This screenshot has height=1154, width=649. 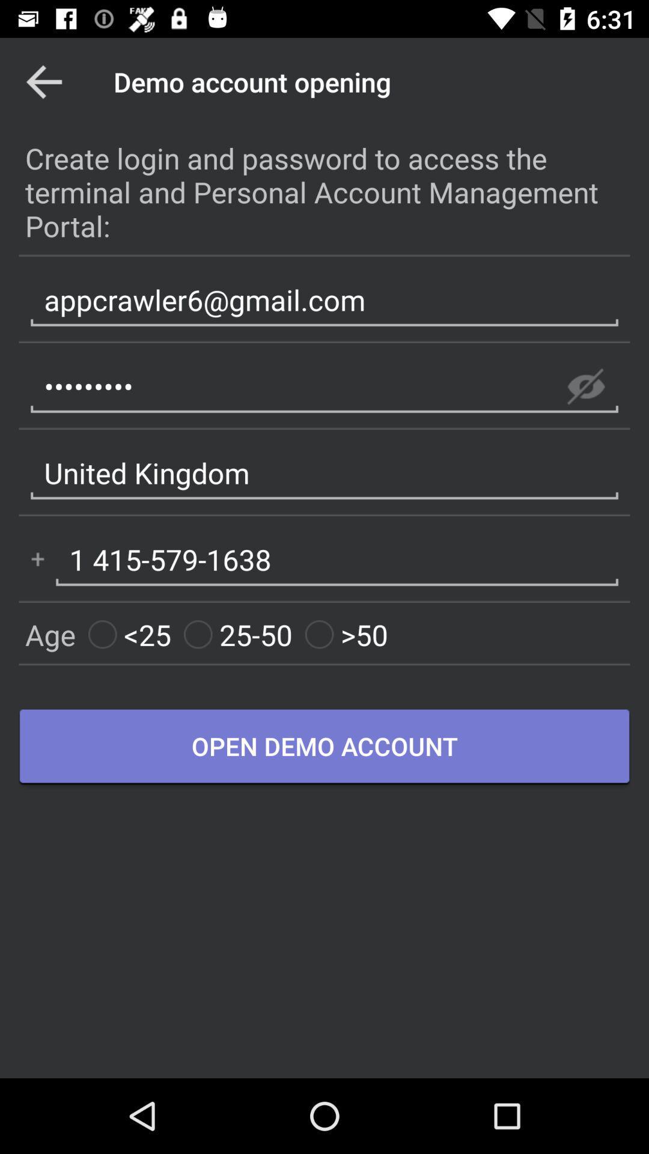 What do you see at coordinates (585, 386) in the screenshot?
I see `the icon above the united kingdom item` at bounding box center [585, 386].